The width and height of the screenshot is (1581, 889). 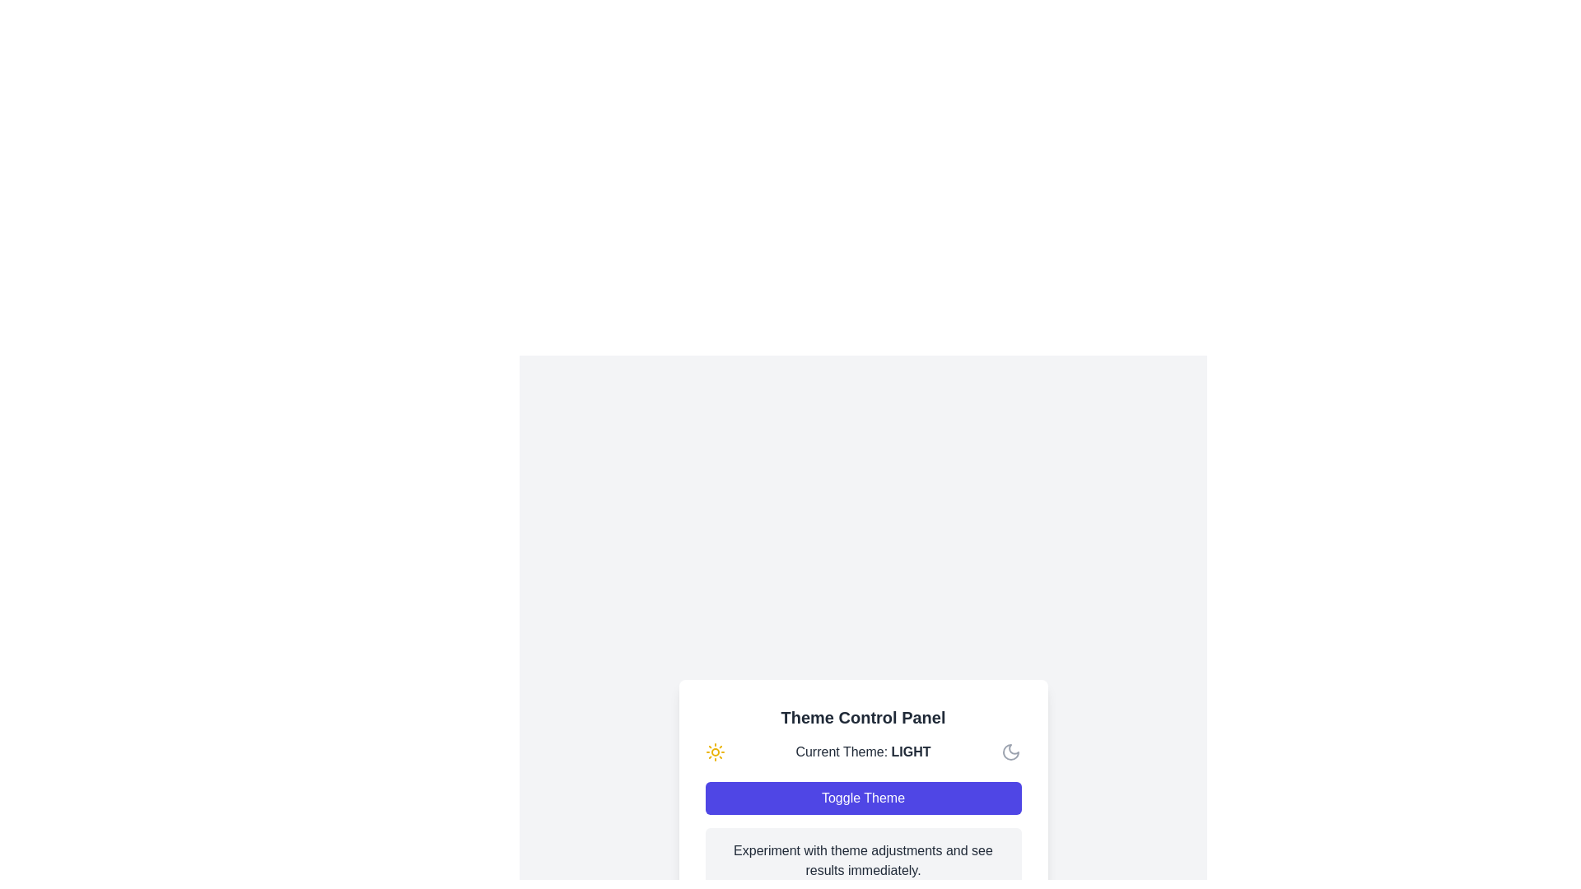 I want to click on the informational label displaying 'Current Theme: LIGHT' with sun and moon icons in the Theme Control Panel, so click(x=862, y=752).